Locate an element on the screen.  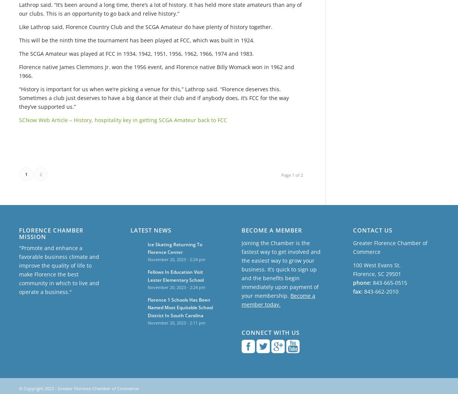
'Florence Chamber Mission' is located at coordinates (51, 233).